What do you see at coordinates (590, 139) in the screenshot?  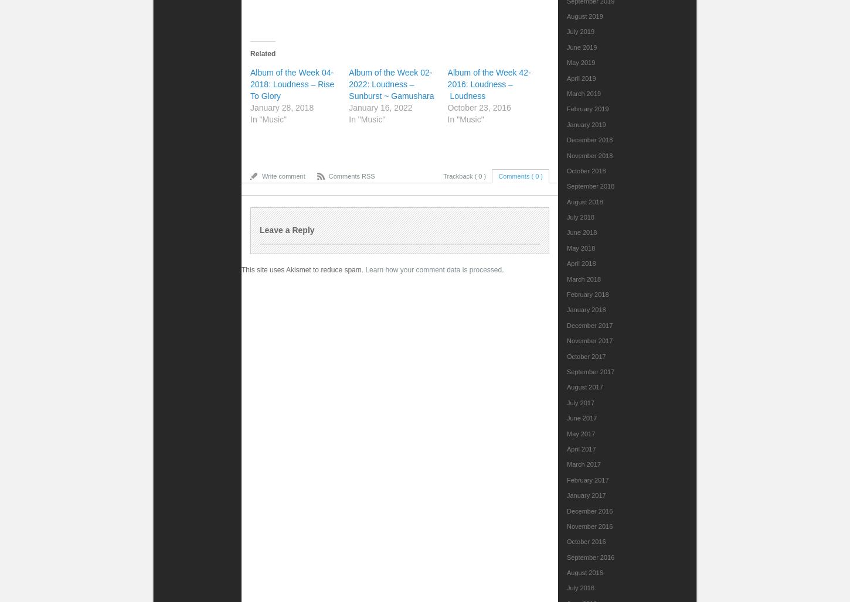 I see `'December 2018'` at bounding box center [590, 139].